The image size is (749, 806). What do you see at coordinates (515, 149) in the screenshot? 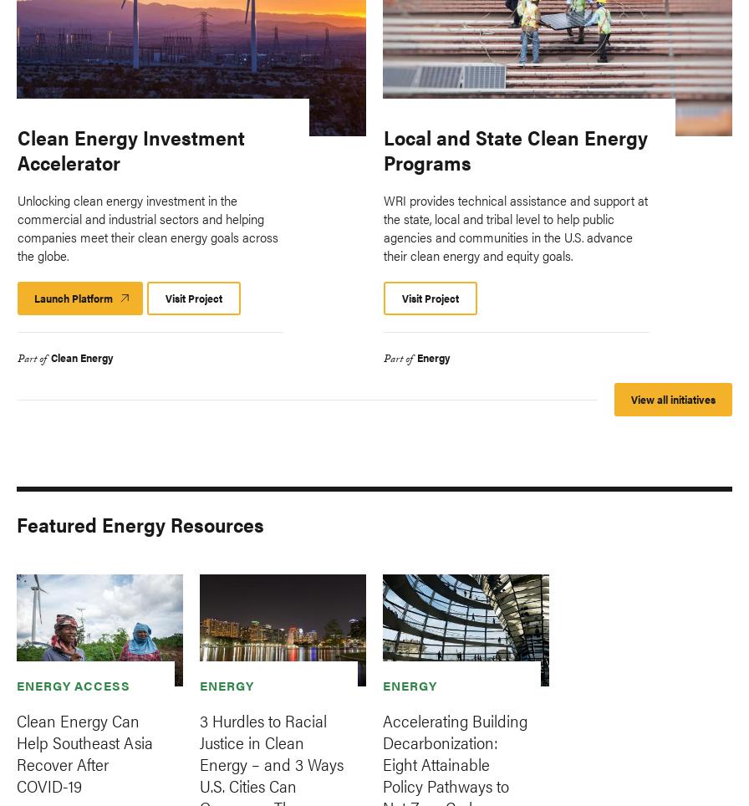
I see `'Local and State Clean Energy Programs'` at bounding box center [515, 149].